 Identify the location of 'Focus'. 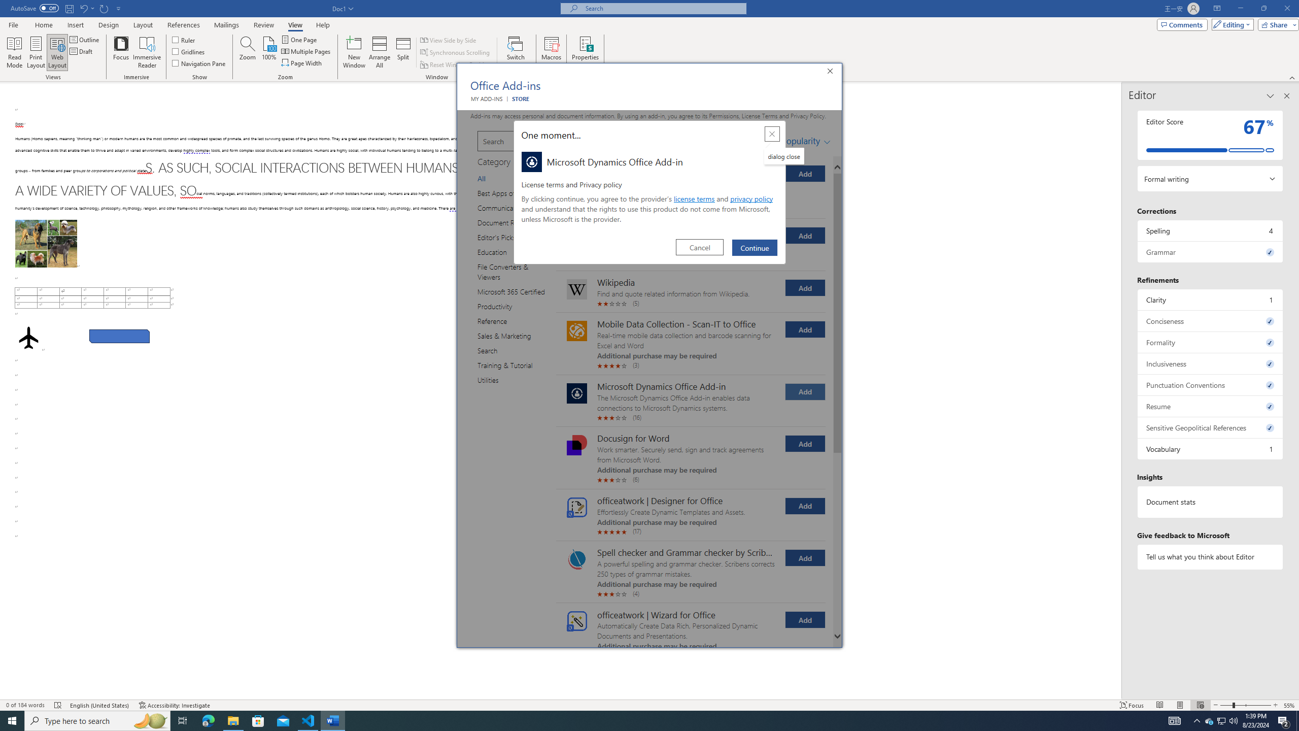
(121, 52).